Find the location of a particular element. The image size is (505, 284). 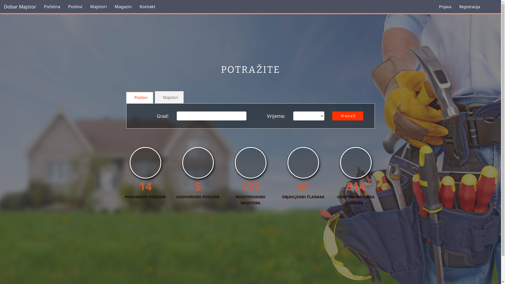

'Prijava' is located at coordinates (445, 6).